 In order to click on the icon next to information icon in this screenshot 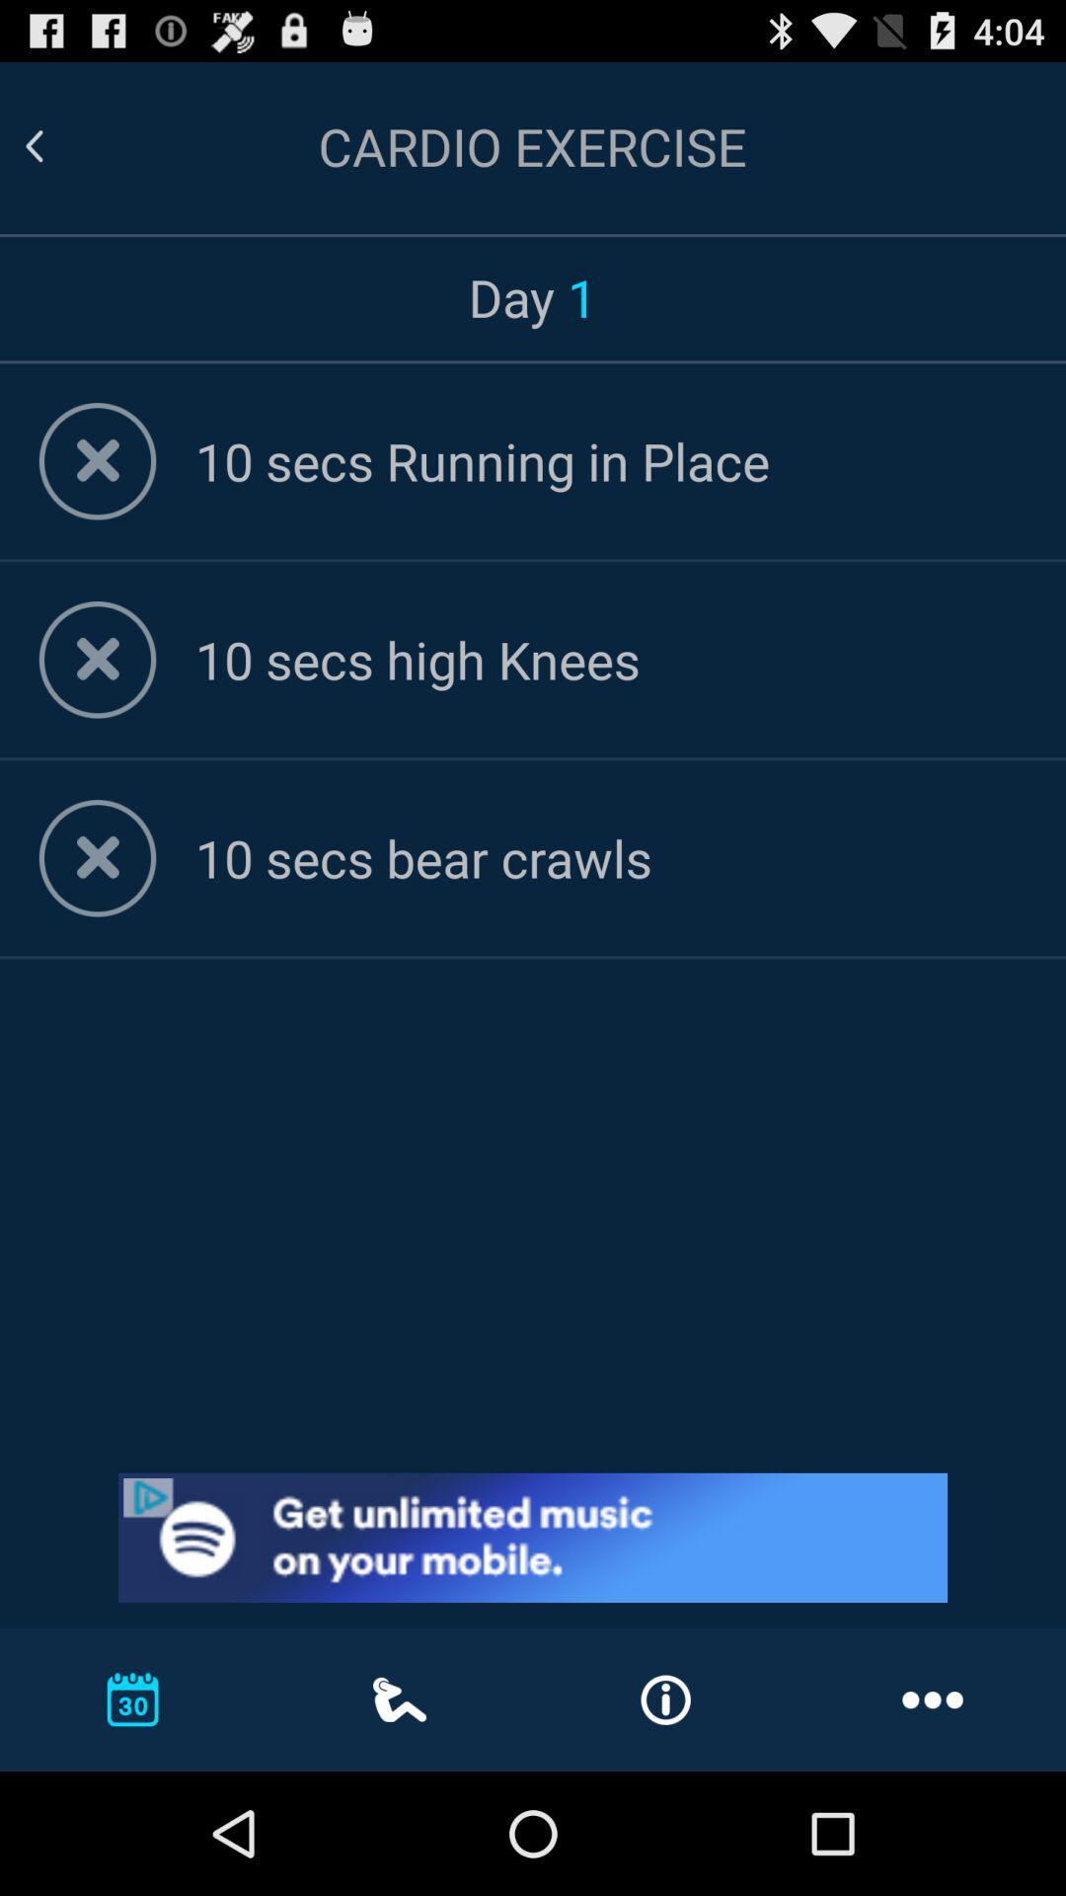, I will do `click(933, 1698)`.